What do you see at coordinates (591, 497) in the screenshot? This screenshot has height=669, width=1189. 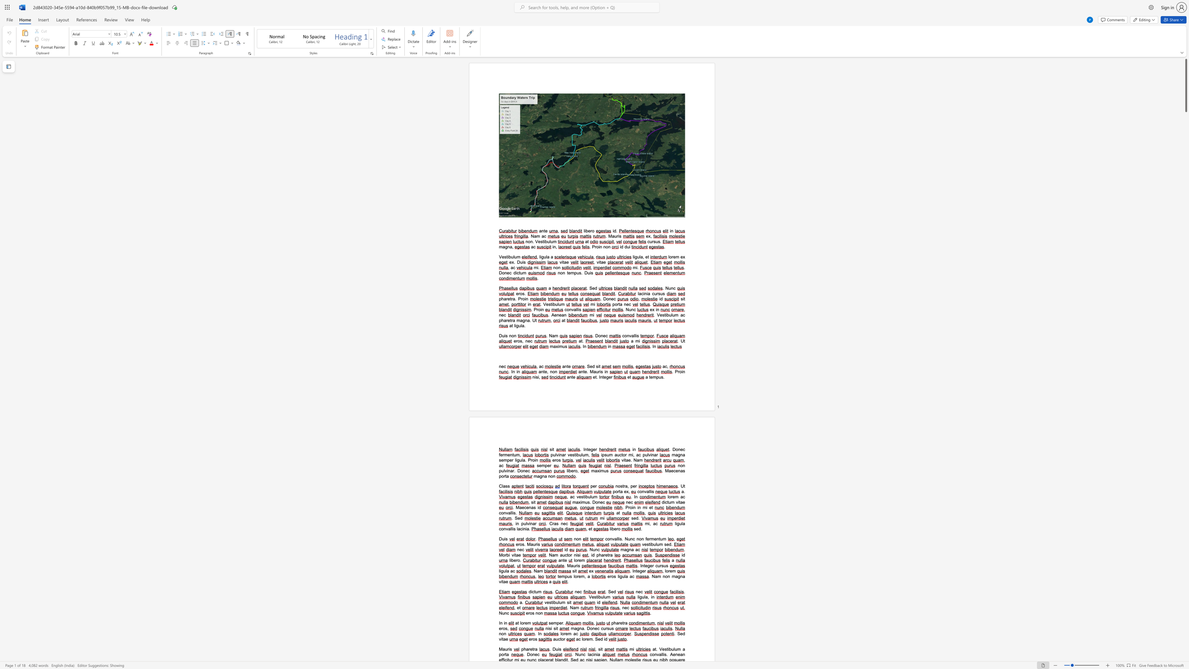 I see `the space between the continuous character "l" and "u" in the text` at bounding box center [591, 497].